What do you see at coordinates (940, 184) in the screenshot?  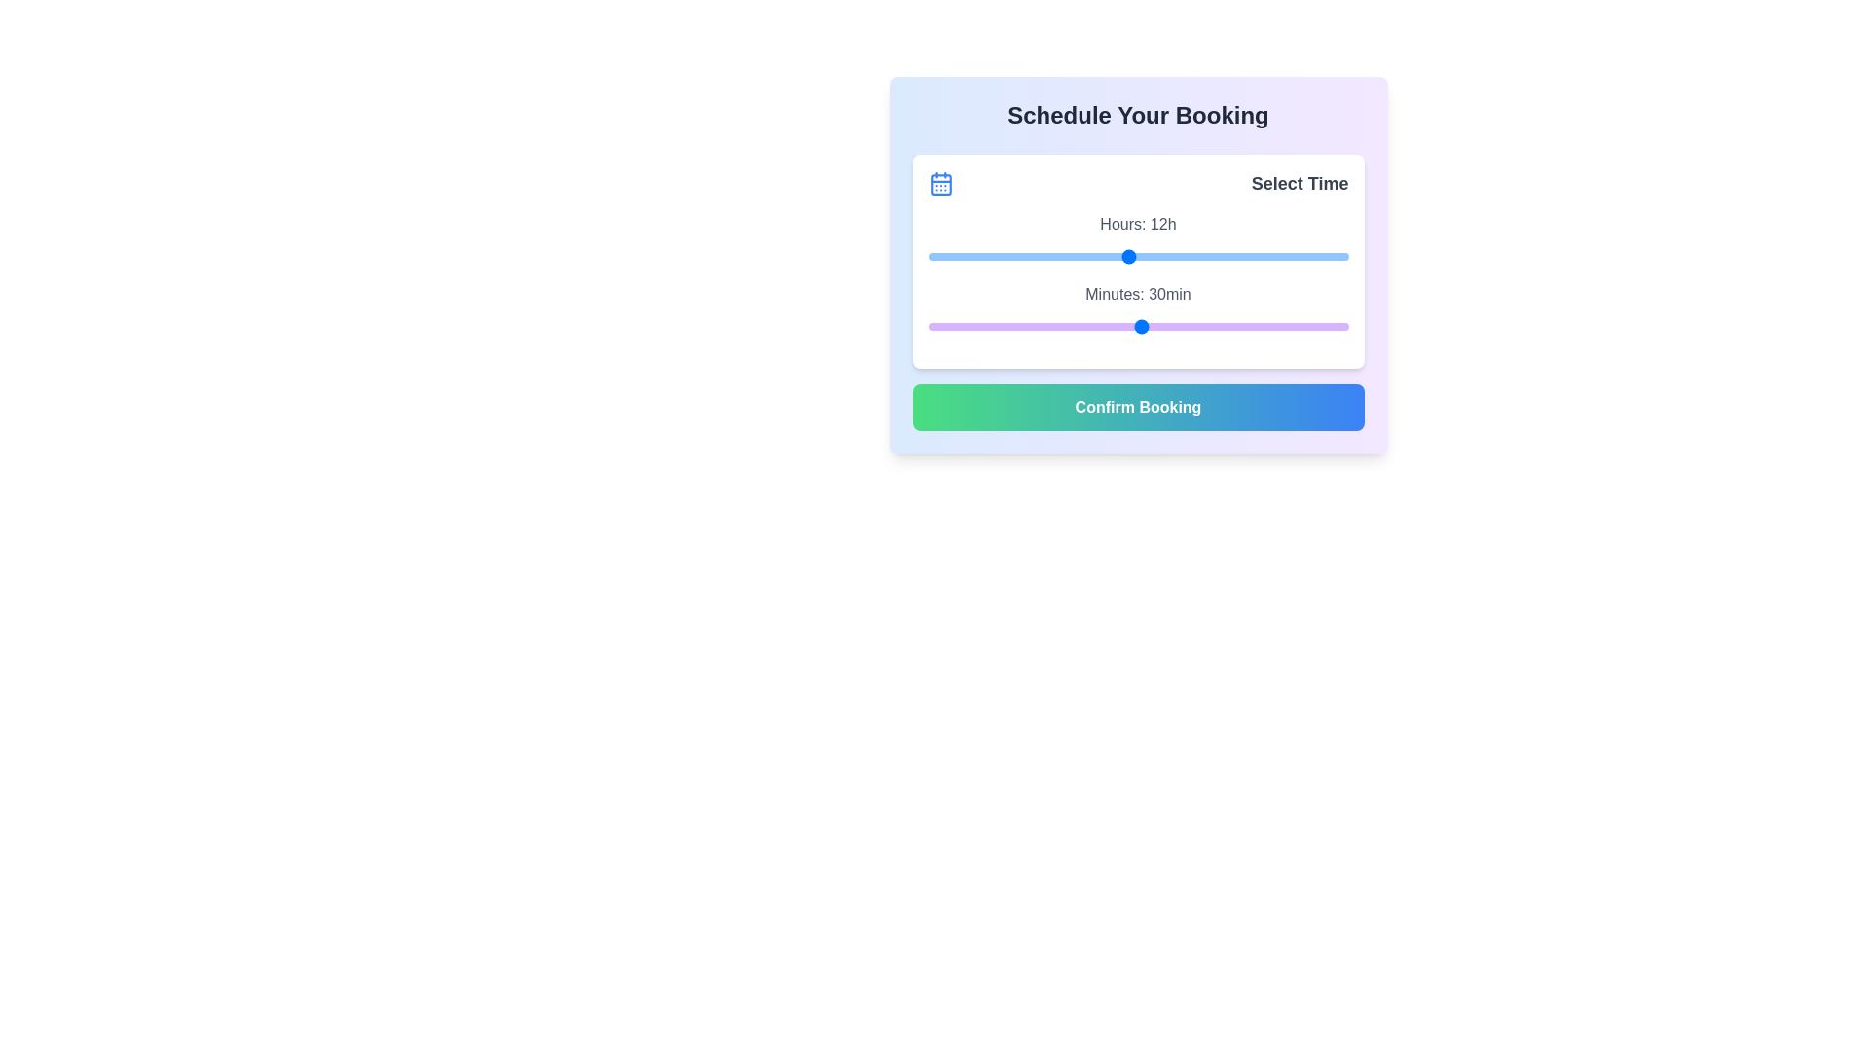 I see `the calendar icon for visual inspection` at bounding box center [940, 184].